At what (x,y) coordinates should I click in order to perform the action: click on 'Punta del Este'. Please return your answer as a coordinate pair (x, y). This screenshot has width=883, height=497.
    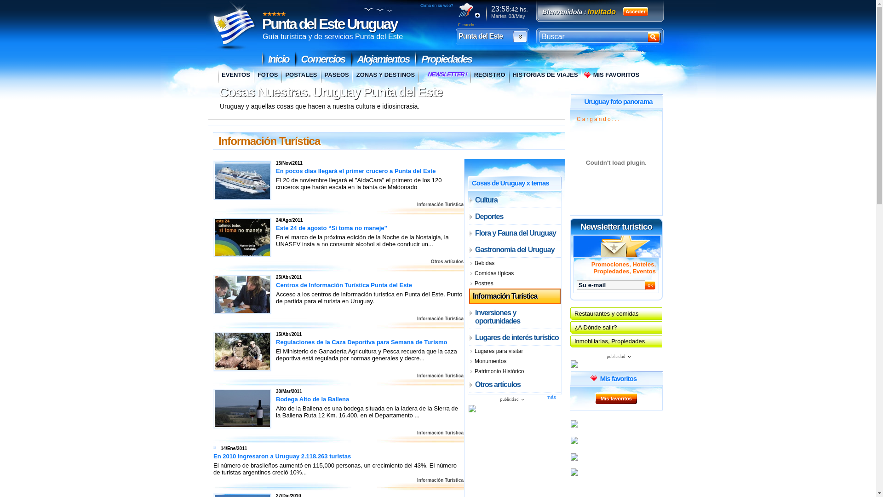
    Looking at the image, I should click on (457, 36).